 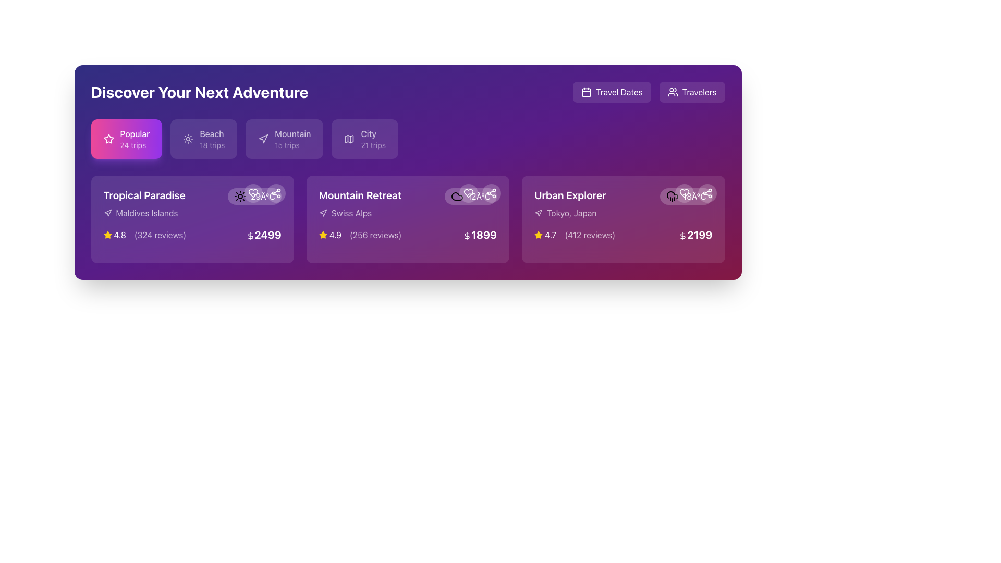 What do you see at coordinates (329, 235) in the screenshot?
I see `the static rating display for the Mountain Retreat, which shows a numerical rating and a star icon, located below the title 'Mountain Retreat' and to the left of '(256 reviews)'` at bounding box center [329, 235].